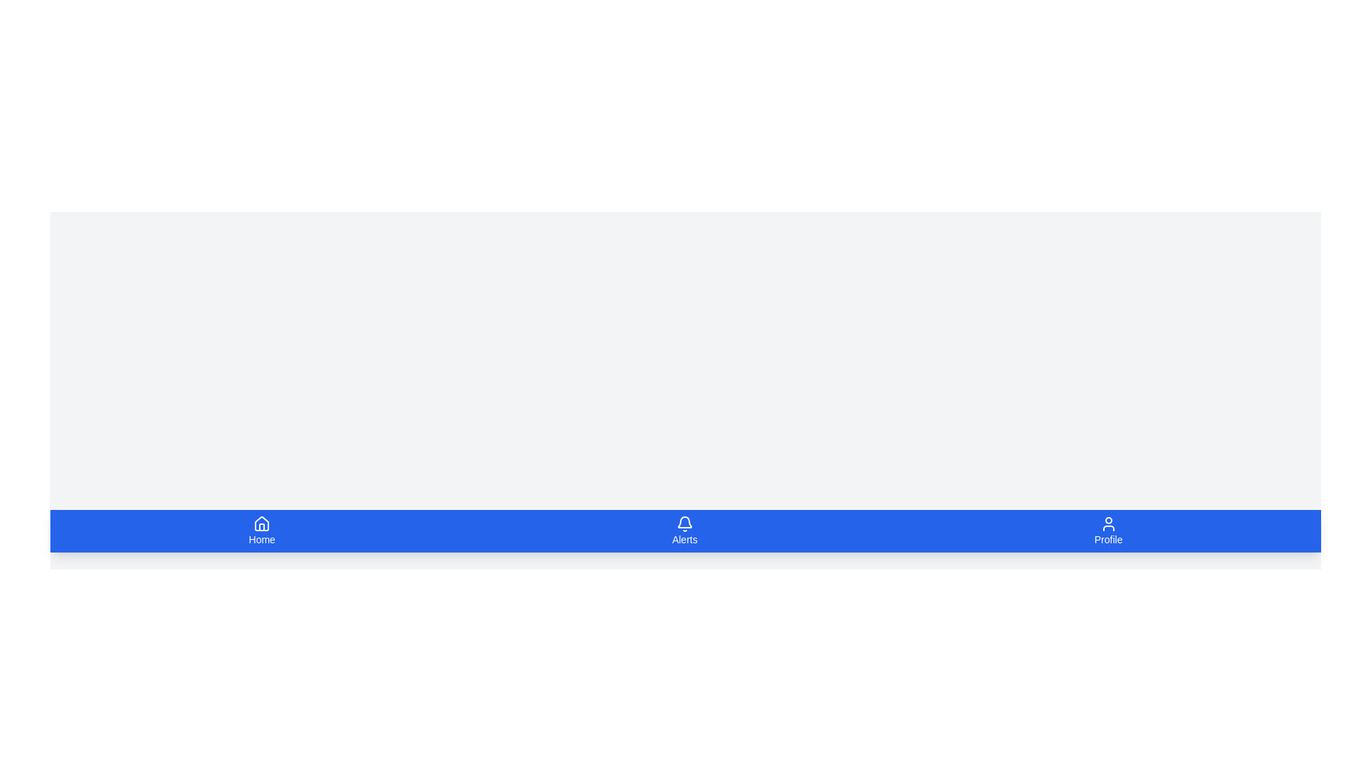 Image resolution: width=1363 pixels, height=766 pixels. Describe the element at coordinates (262, 539) in the screenshot. I see `the 'Home' text label, which is styled in white and located within the blue bottom navigation bar, positioned beneath a house icon` at that location.